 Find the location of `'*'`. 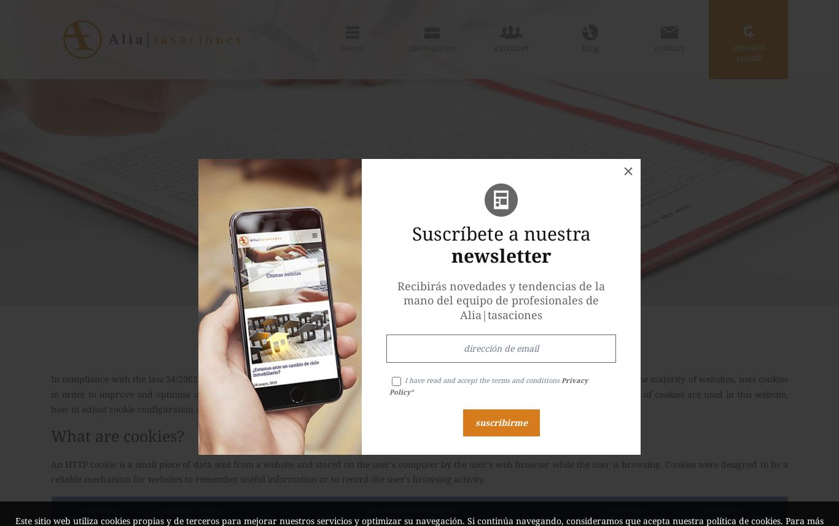

'*' is located at coordinates (411, 392).